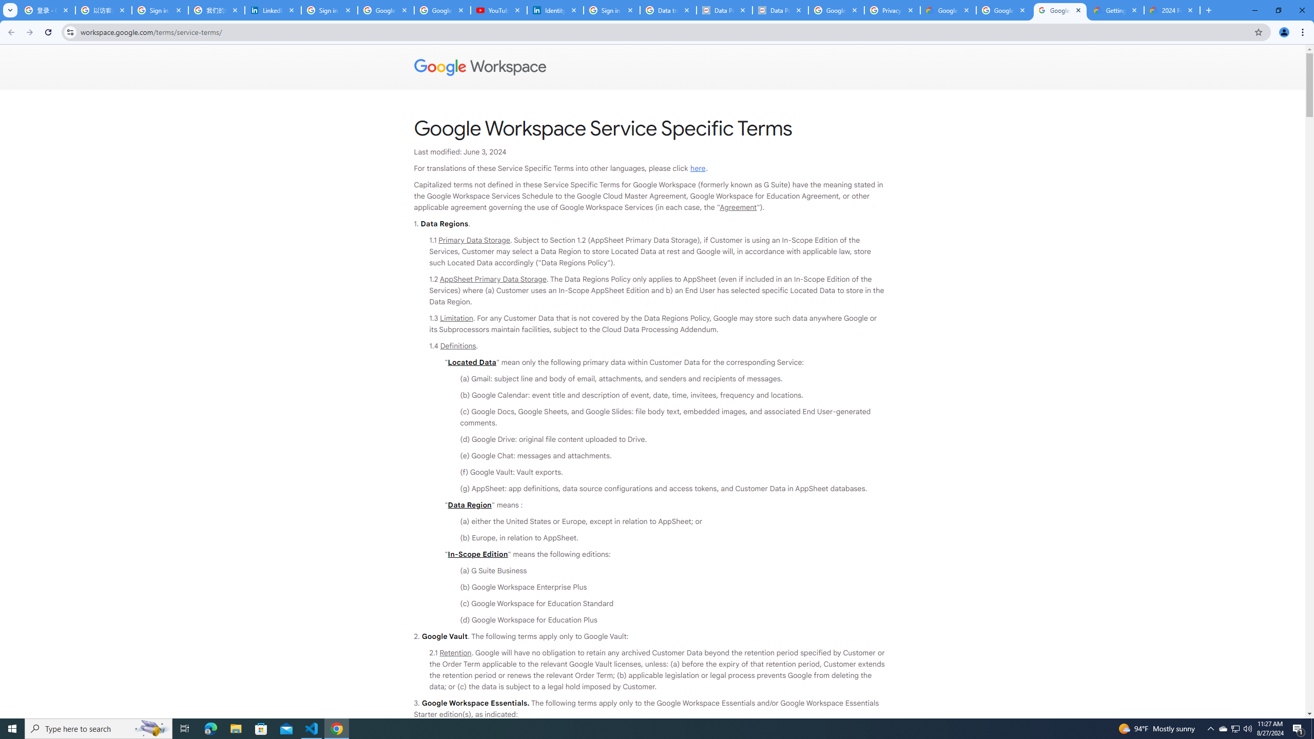 The height and width of the screenshot is (739, 1314). What do you see at coordinates (498, 10) in the screenshot?
I see `'YouTube'` at bounding box center [498, 10].